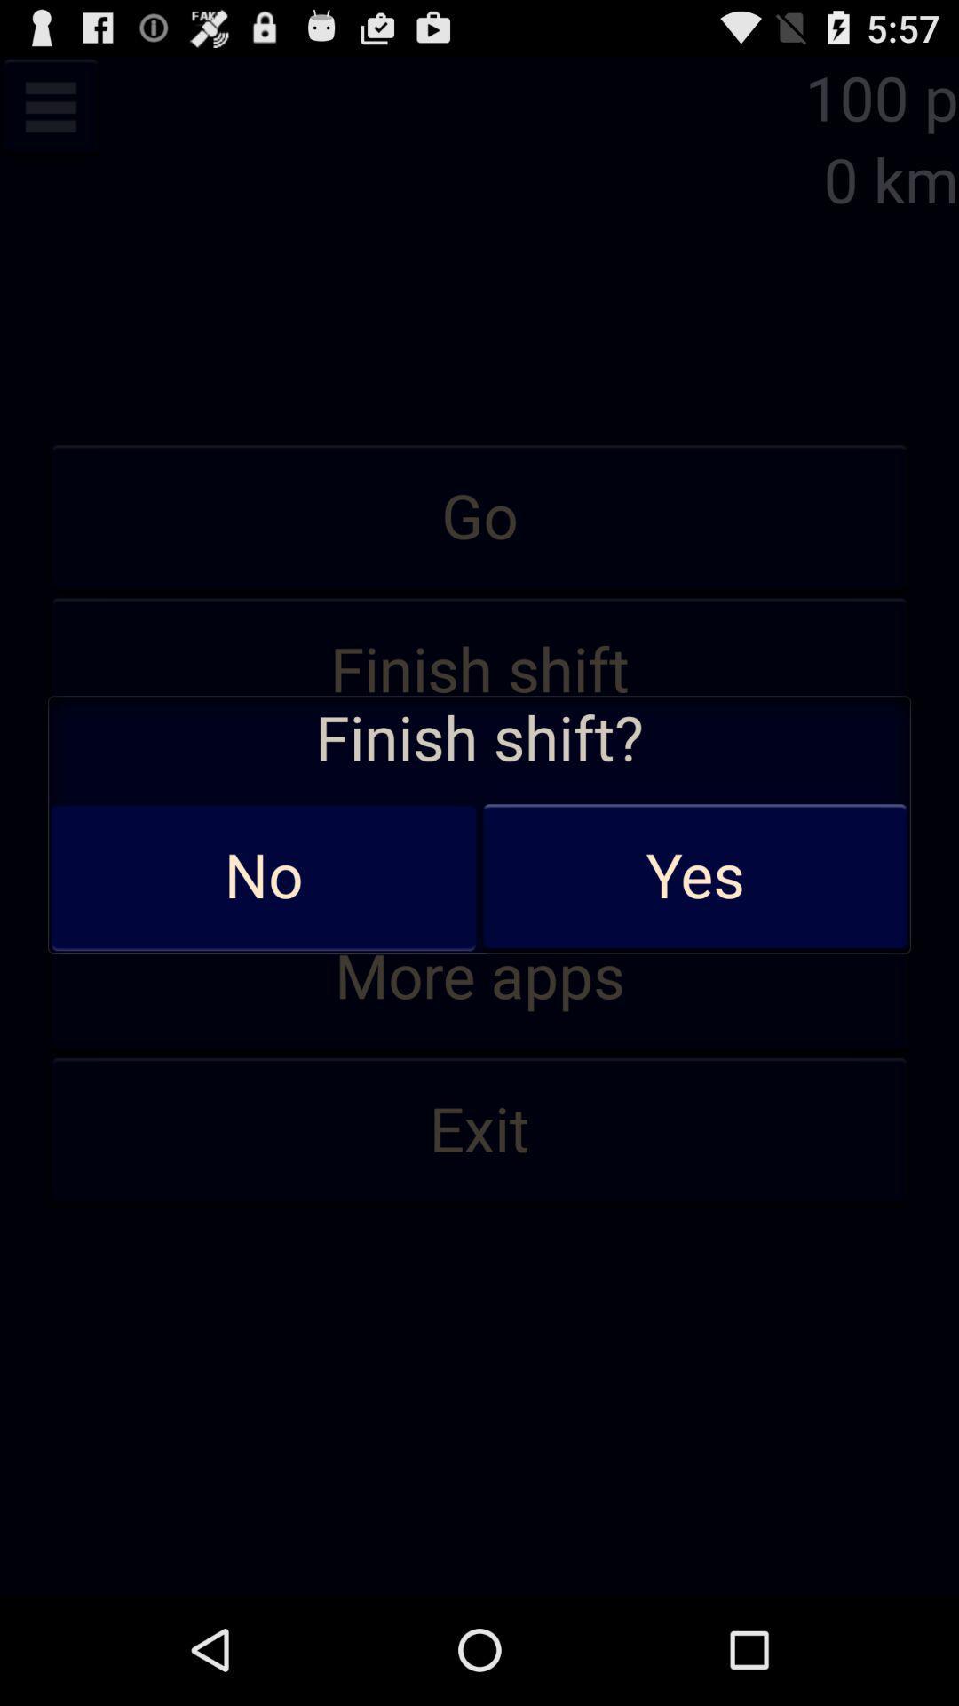 This screenshot has height=1706, width=959. Describe the element at coordinates (479, 824) in the screenshot. I see `the item above the more apps item` at that location.